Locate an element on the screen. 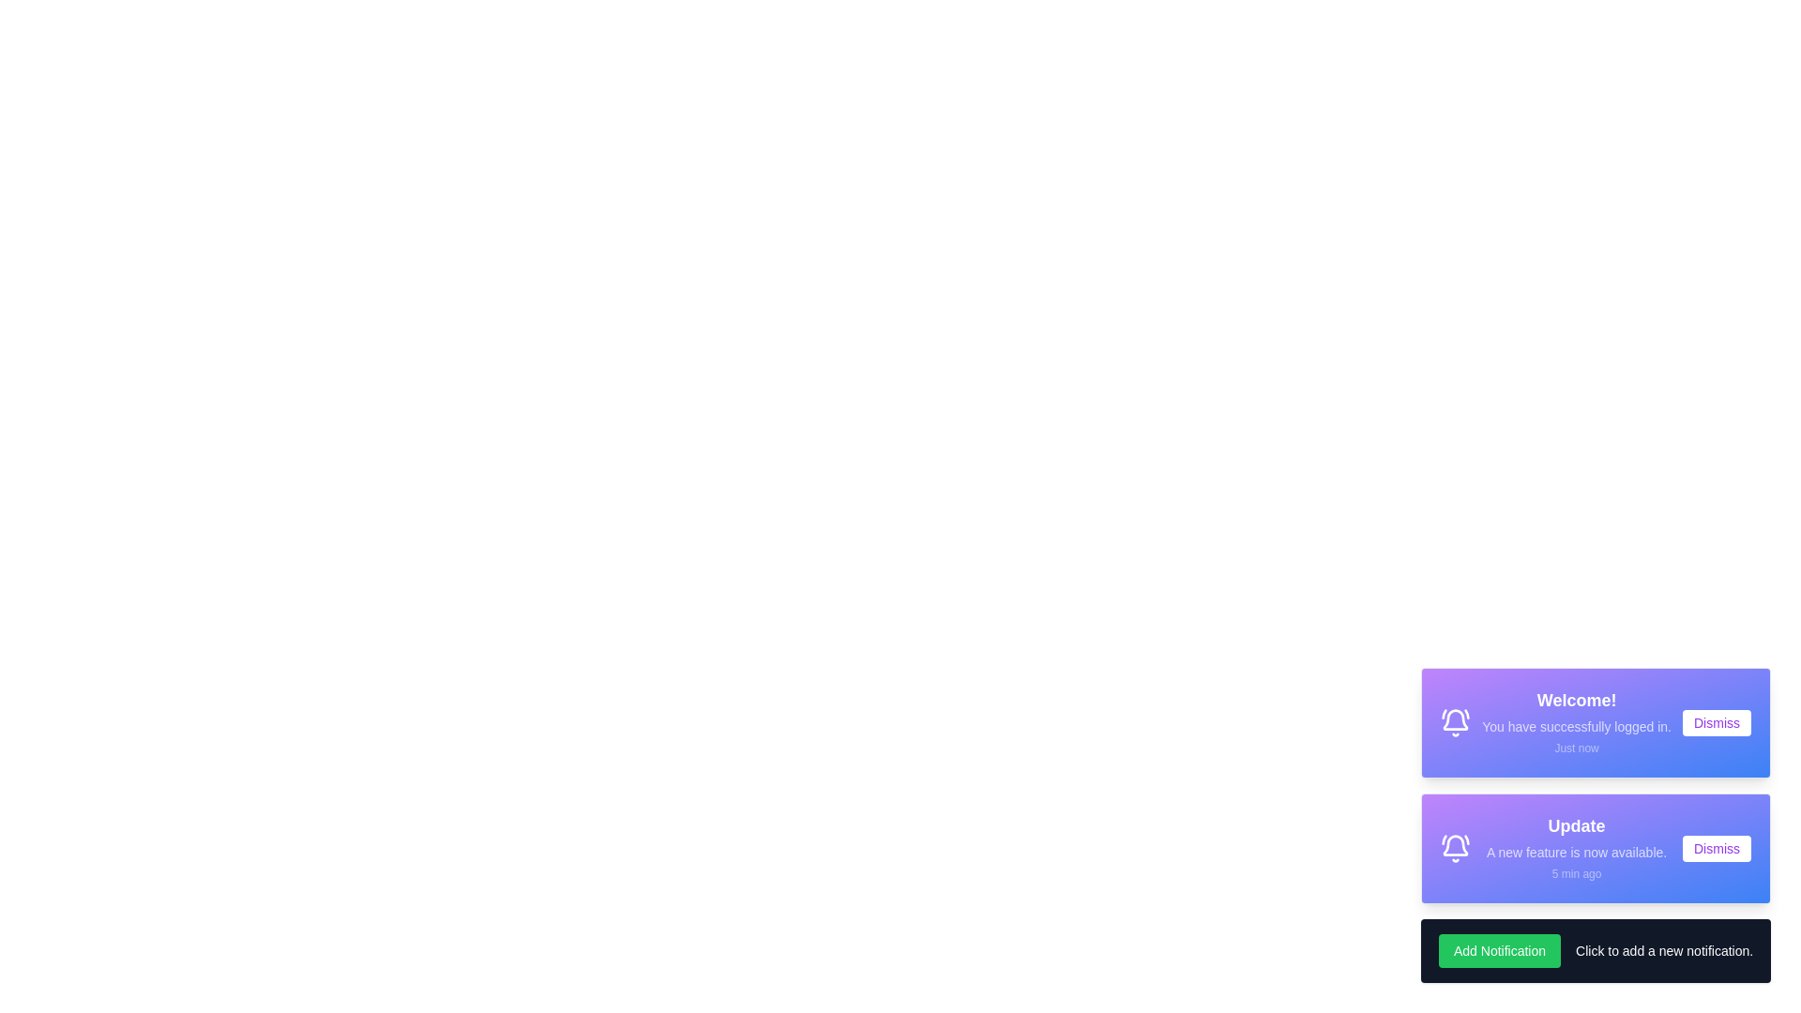  'Add Notification' button to add a new notification is located at coordinates (1498, 951).